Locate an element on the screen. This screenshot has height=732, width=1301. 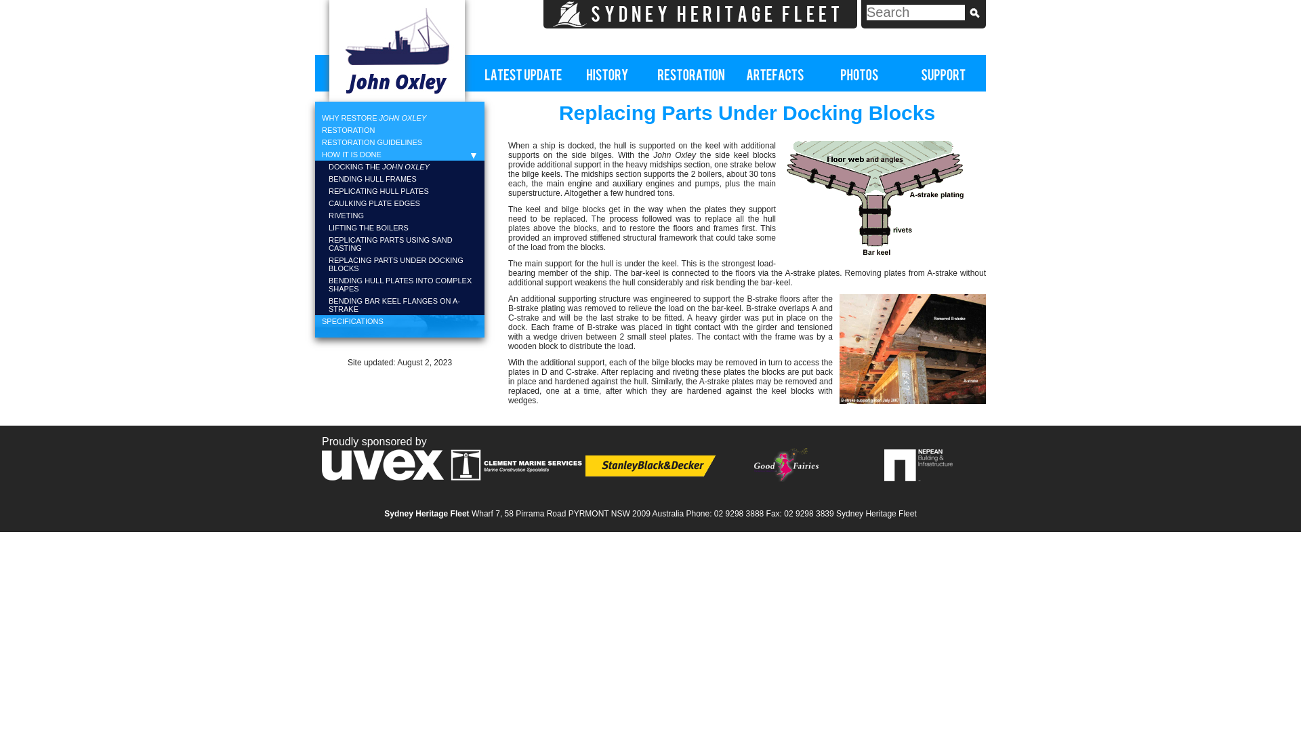
'BENDING BAR KEEL FLANGES ON A-STRAKE' is located at coordinates (399, 305).